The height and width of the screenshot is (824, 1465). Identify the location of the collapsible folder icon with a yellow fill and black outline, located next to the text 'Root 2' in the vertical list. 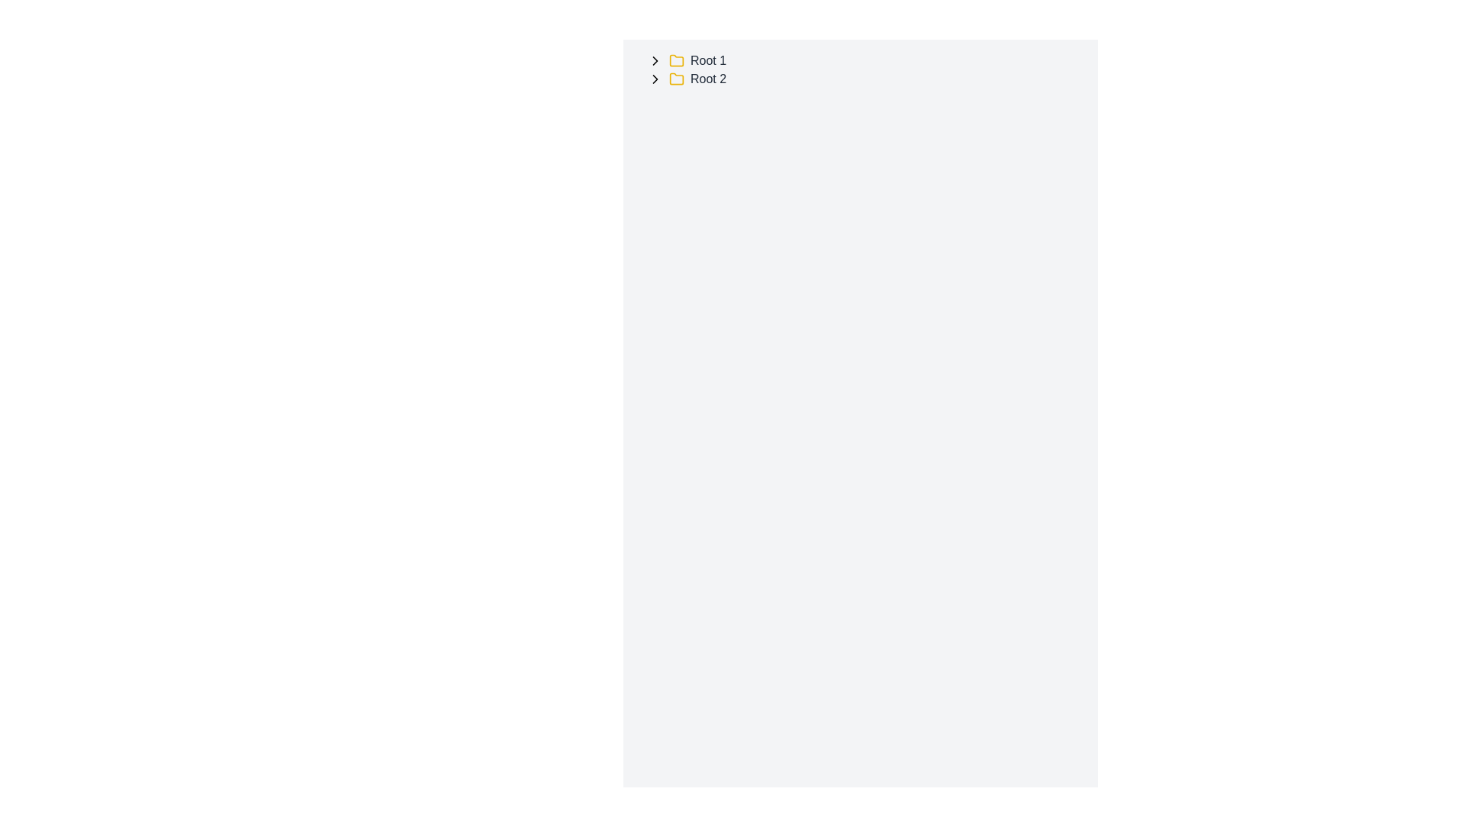
(676, 59).